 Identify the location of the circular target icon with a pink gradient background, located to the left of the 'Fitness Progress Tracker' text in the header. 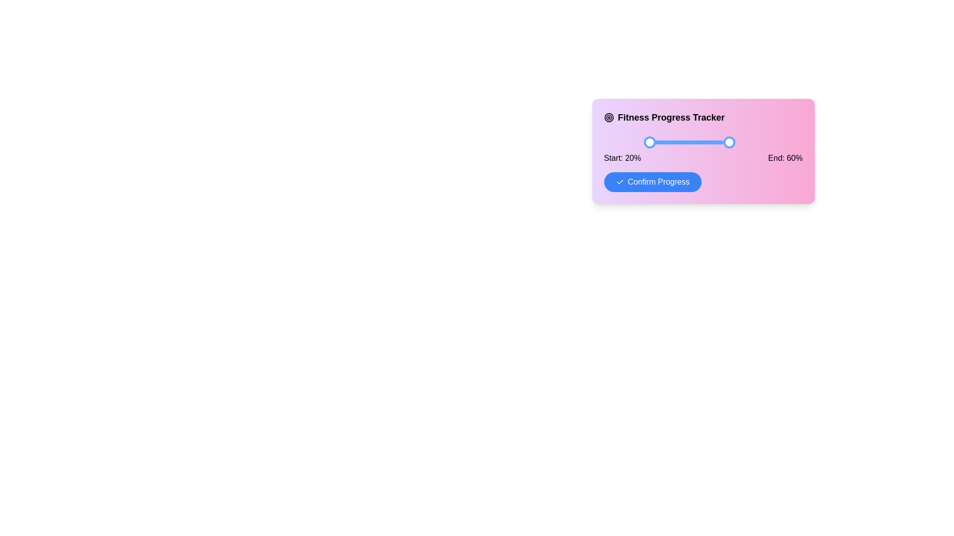
(608, 117).